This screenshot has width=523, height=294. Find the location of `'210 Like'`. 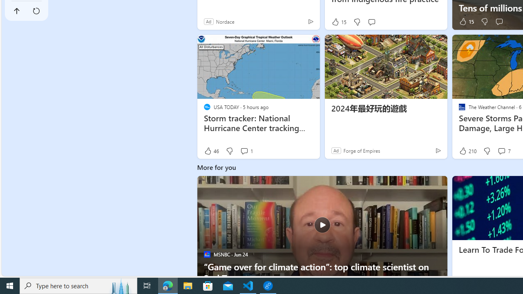

'210 Like' is located at coordinates (467, 151).